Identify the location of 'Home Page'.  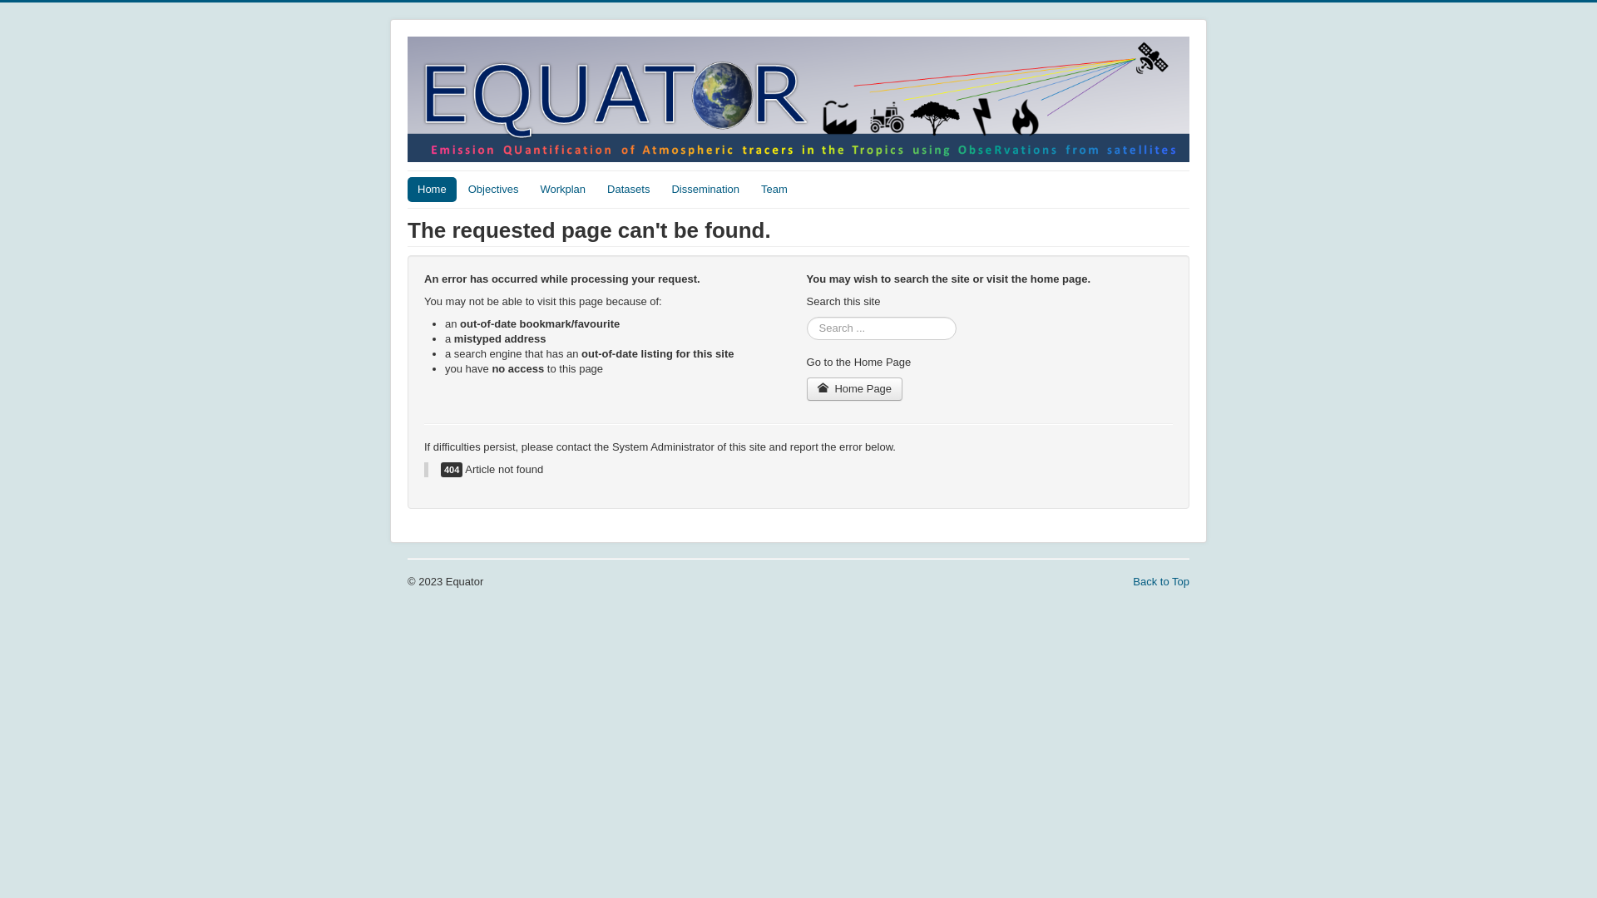
(854, 388).